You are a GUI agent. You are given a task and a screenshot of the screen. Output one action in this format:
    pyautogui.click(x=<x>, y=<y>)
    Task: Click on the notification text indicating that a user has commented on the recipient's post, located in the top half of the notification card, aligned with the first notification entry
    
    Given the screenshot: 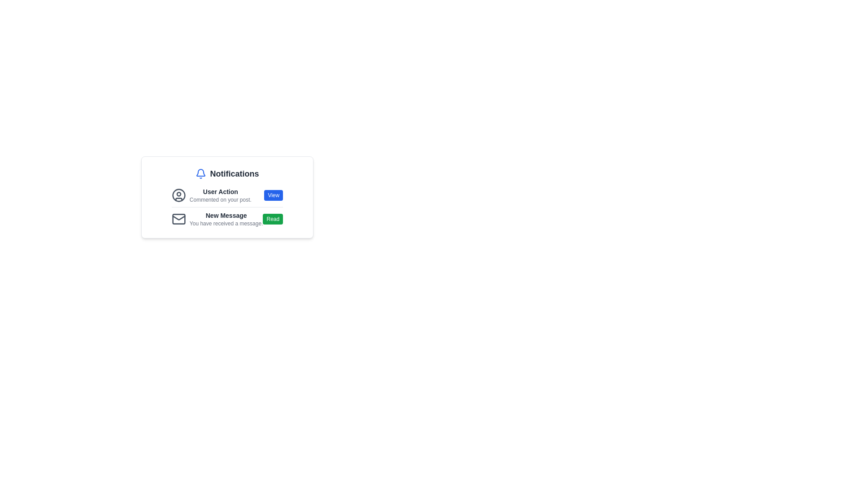 What is the action you would take?
    pyautogui.click(x=211, y=194)
    